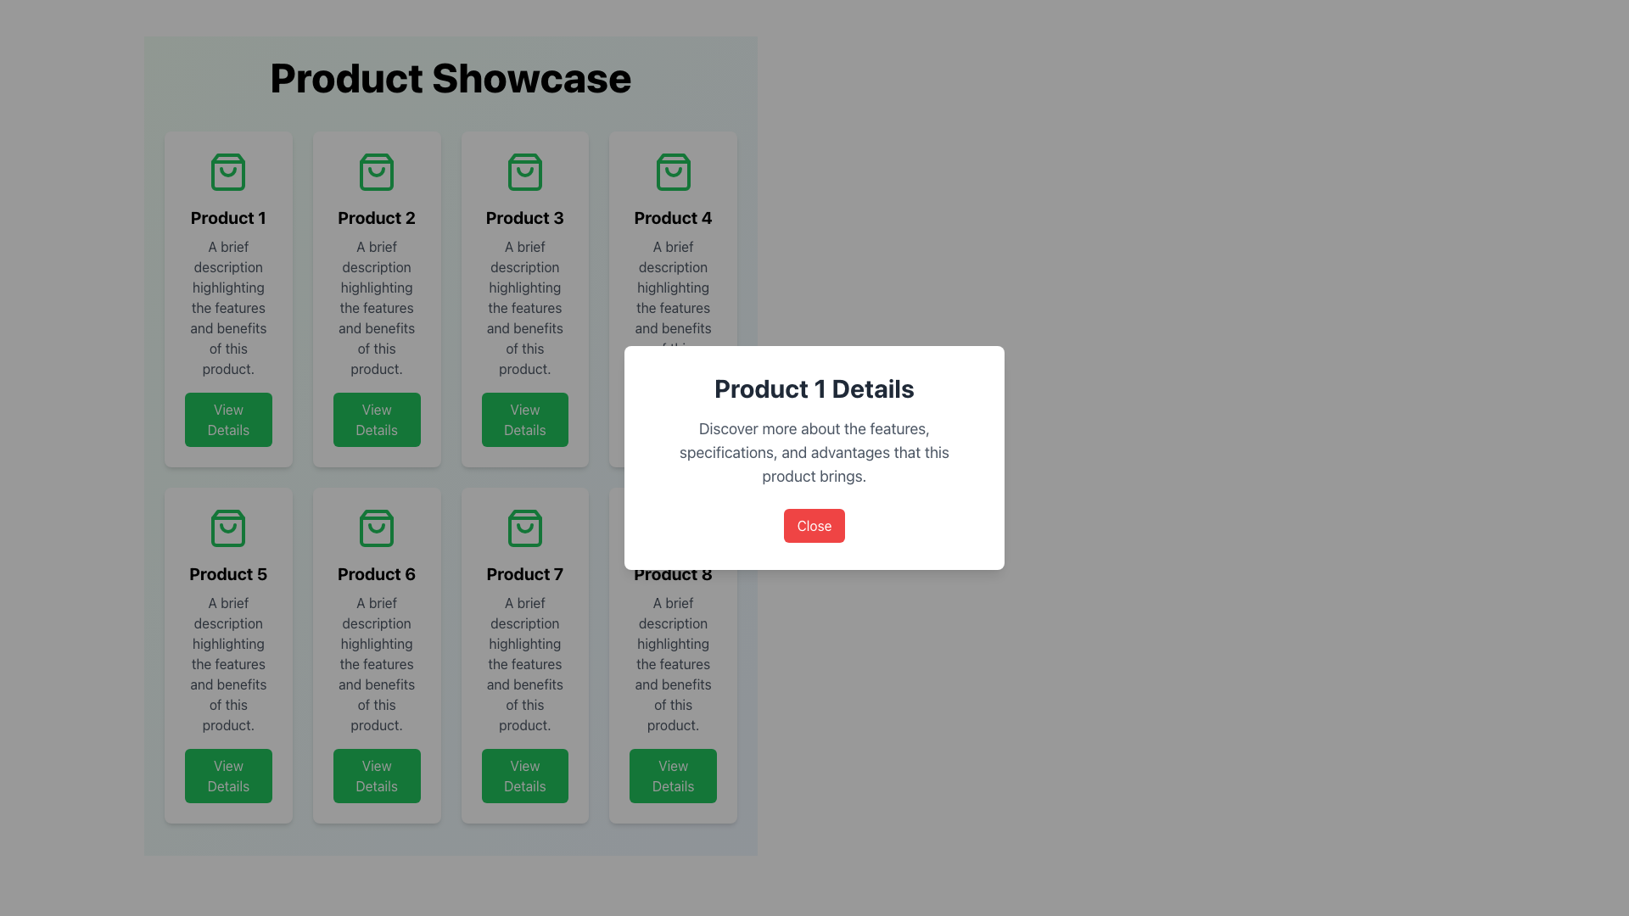 This screenshot has width=1629, height=916. What do you see at coordinates (672, 299) in the screenshot?
I see `product title 'Product 4' and the description below it from the Product card with a white background, green shopping bag icon, and a green 'View Details' button, located in the rightmost column of the top row of the grid layout` at bounding box center [672, 299].